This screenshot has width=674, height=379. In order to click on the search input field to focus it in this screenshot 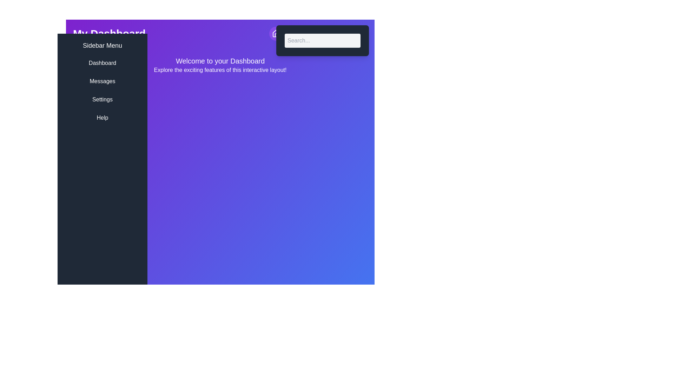, I will do `click(322, 40)`.